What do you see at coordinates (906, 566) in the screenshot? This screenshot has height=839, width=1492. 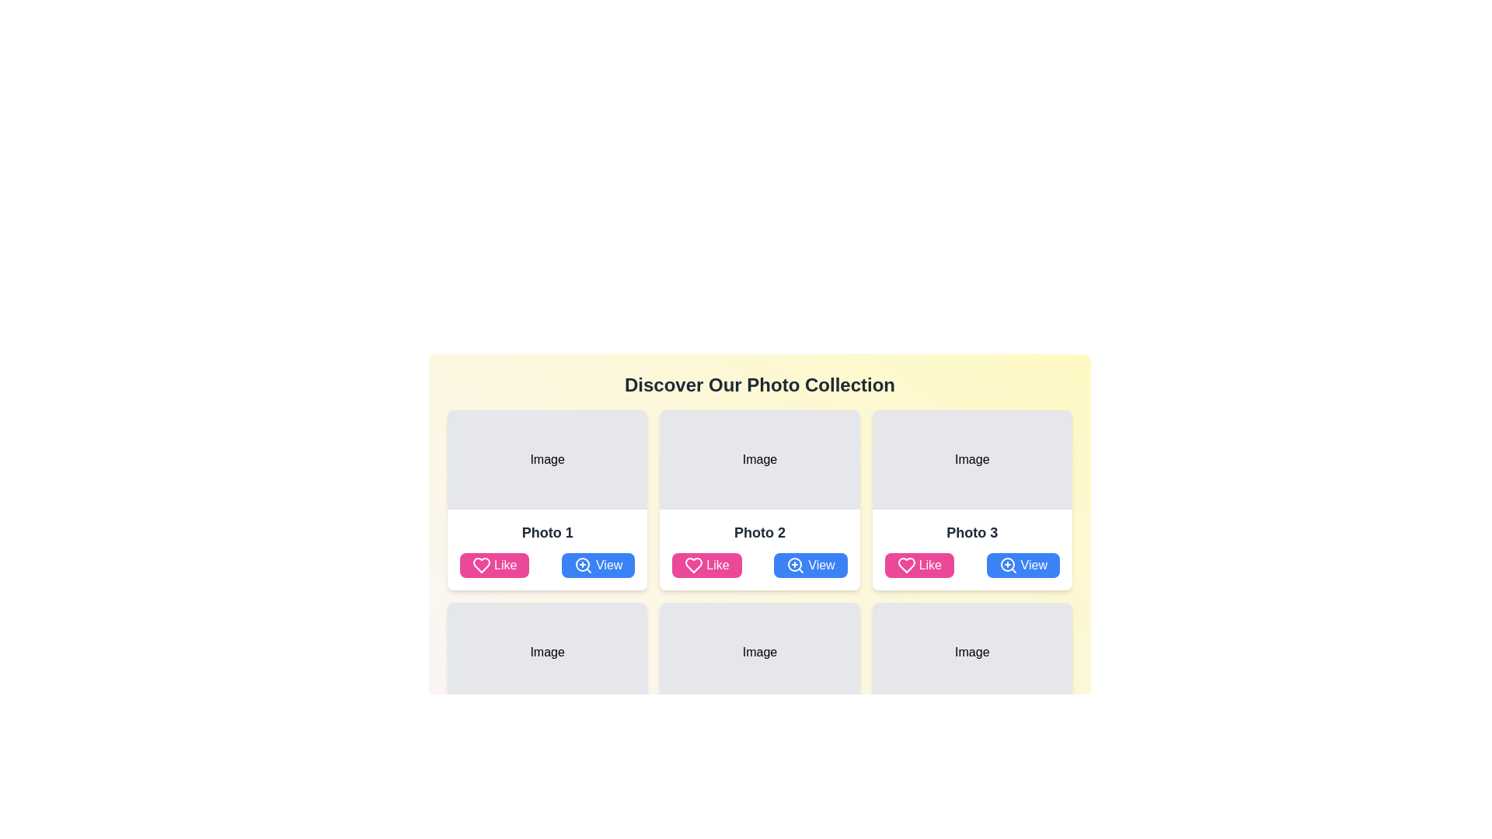 I see `the heart-shaped icon representing the 'Like' option, which is styled in pink and located next to the text 'Like' under the image card labeled 'Photo 3'` at bounding box center [906, 566].